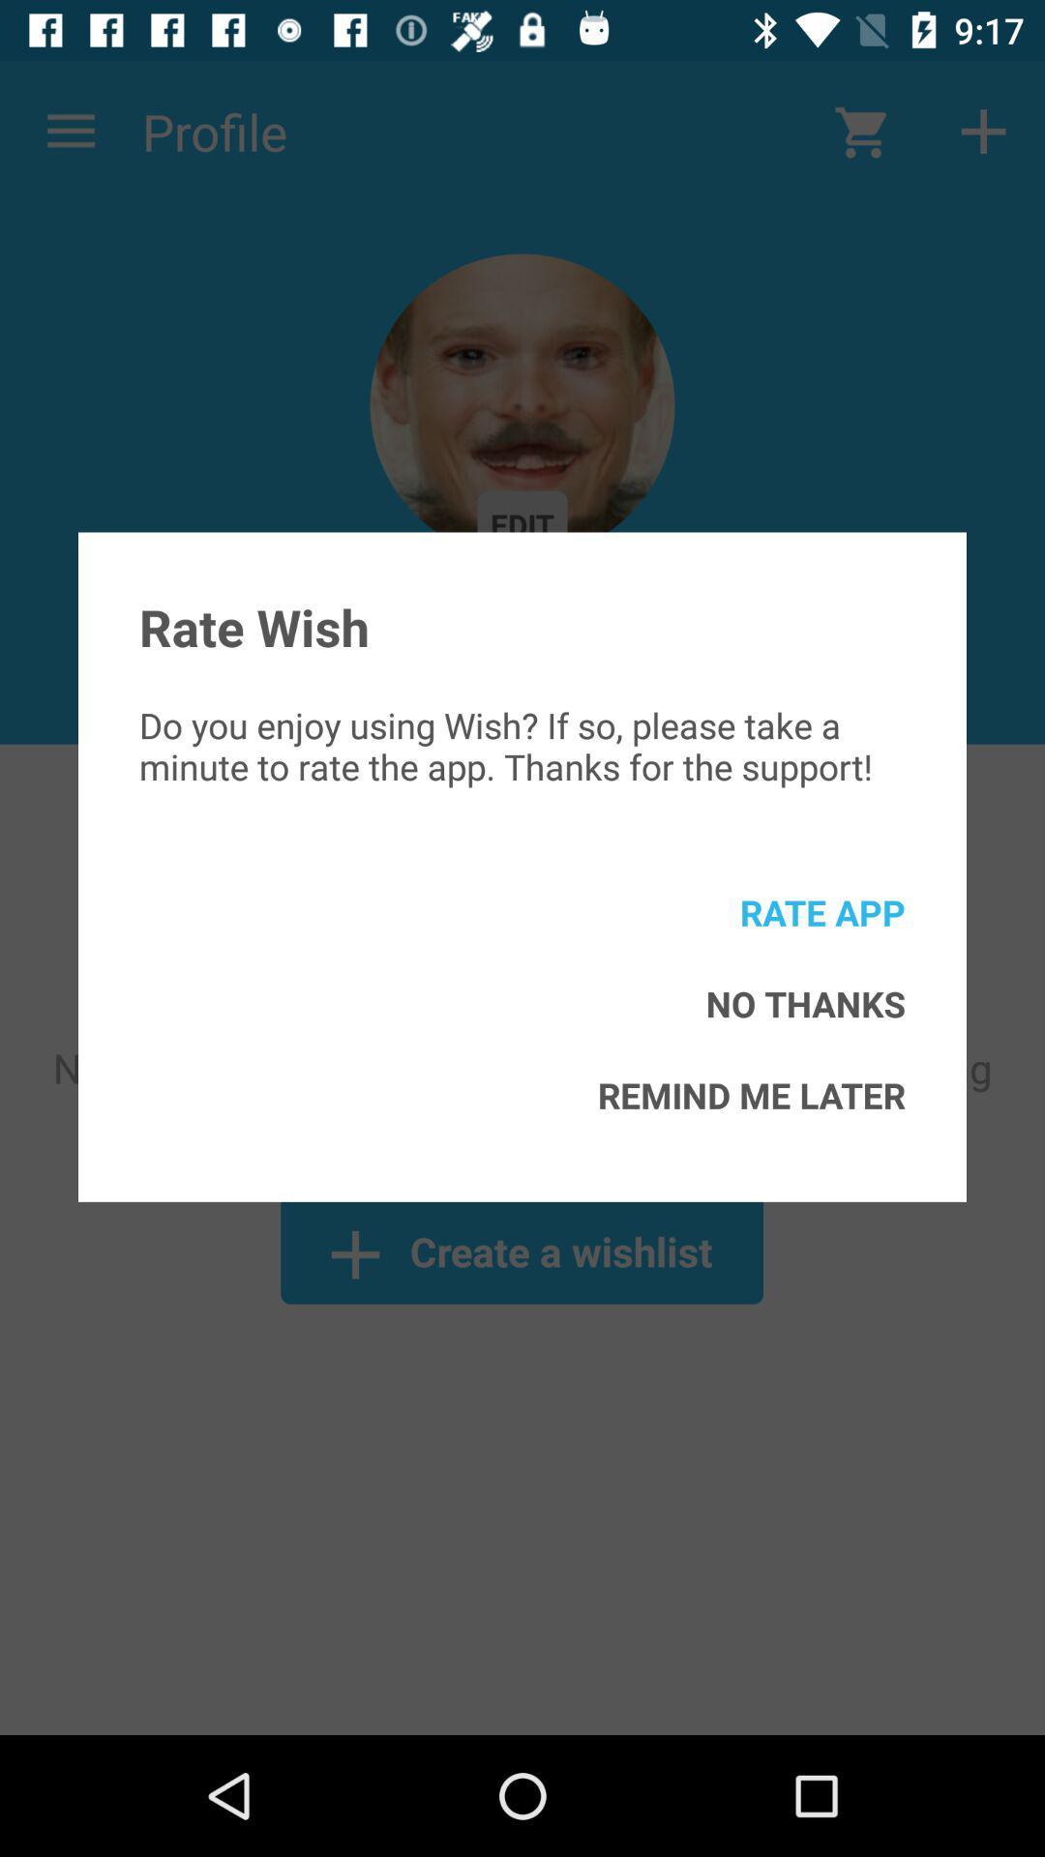 This screenshot has width=1045, height=1857. What do you see at coordinates (750, 1095) in the screenshot?
I see `remind me later` at bounding box center [750, 1095].